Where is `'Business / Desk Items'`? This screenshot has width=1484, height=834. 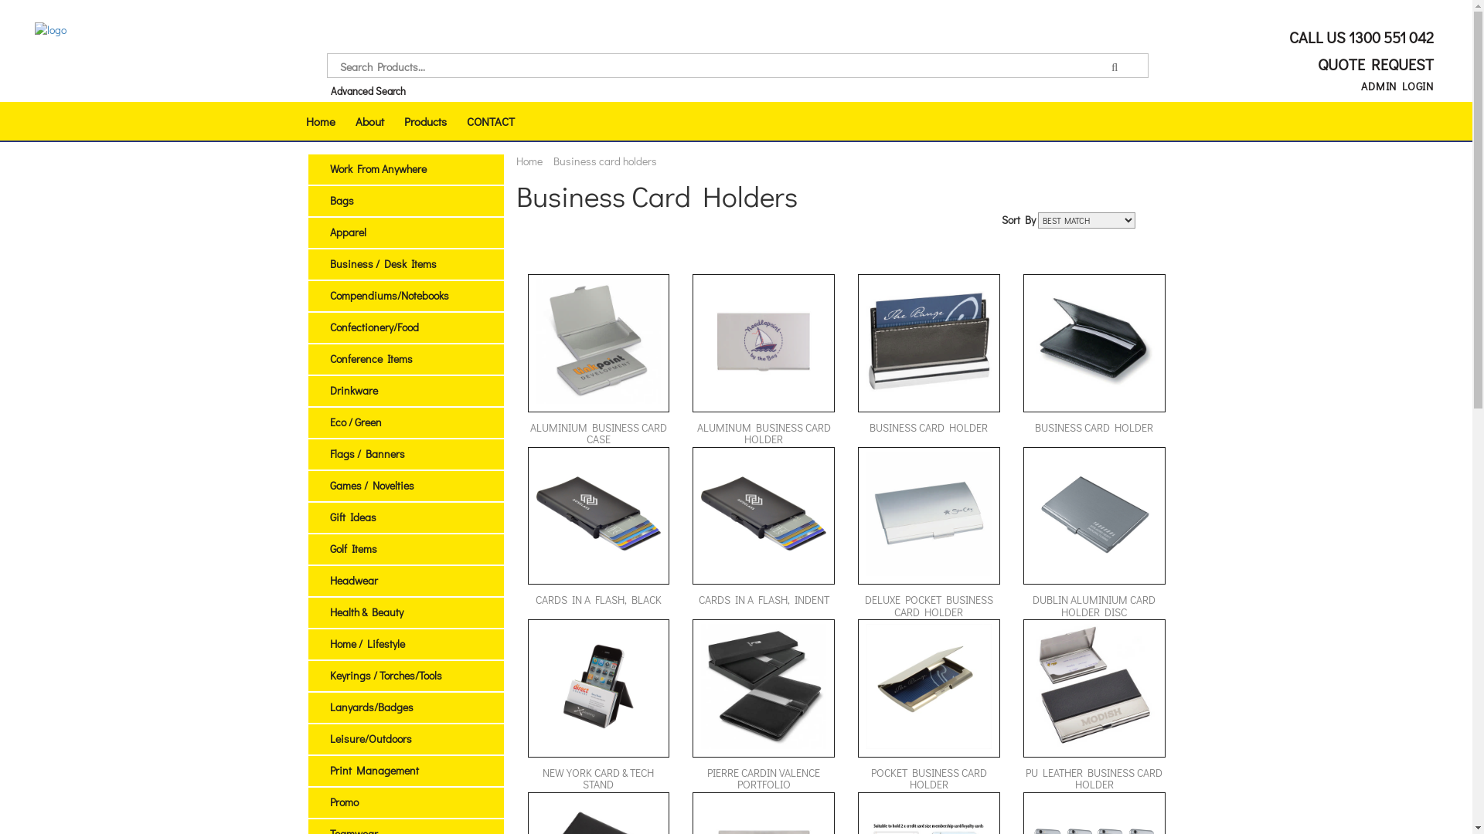
'Business / Desk Items' is located at coordinates (382, 263).